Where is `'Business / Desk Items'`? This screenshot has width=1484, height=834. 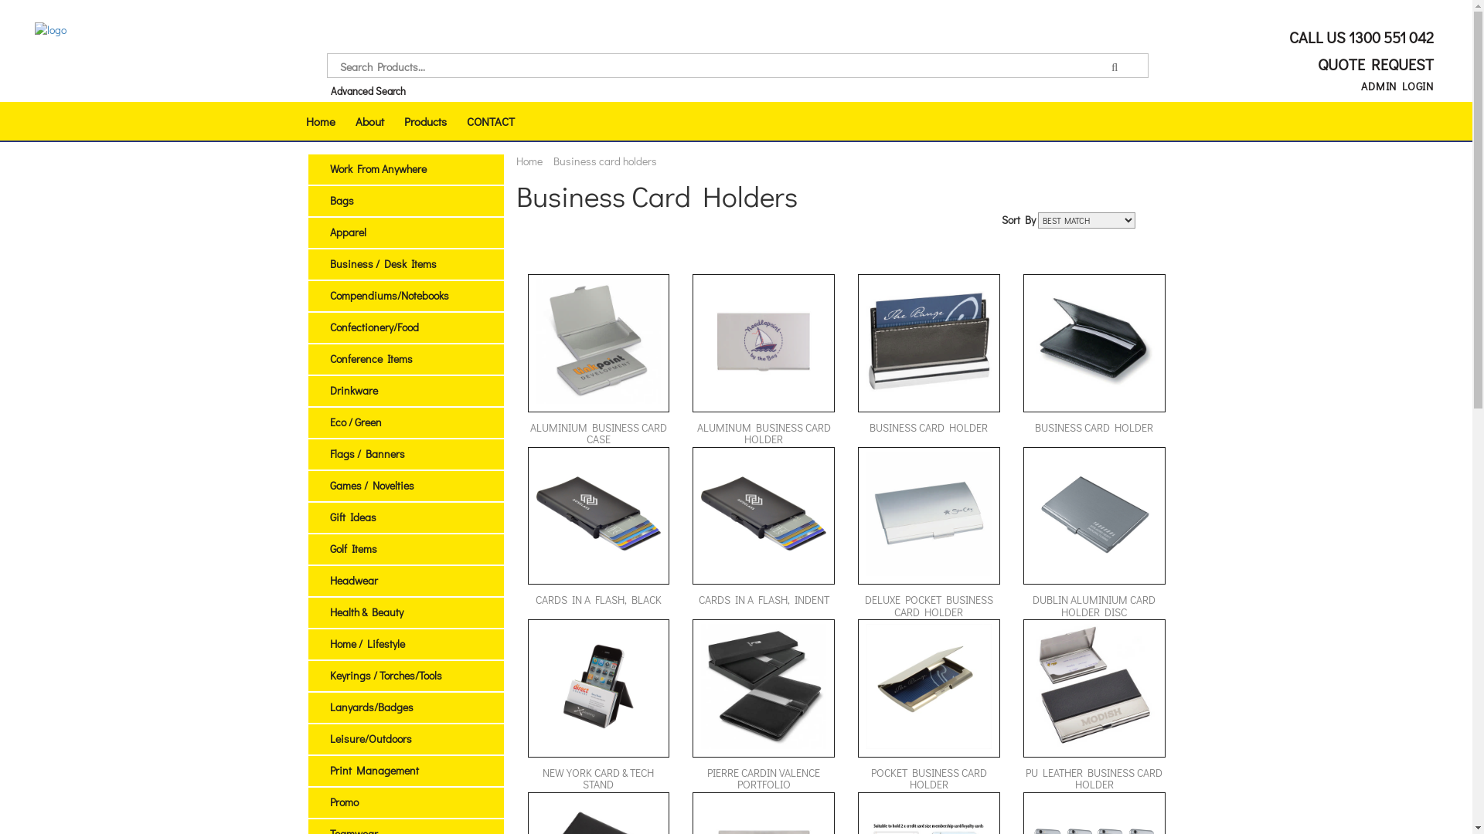
'Business / Desk Items' is located at coordinates (382, 263).